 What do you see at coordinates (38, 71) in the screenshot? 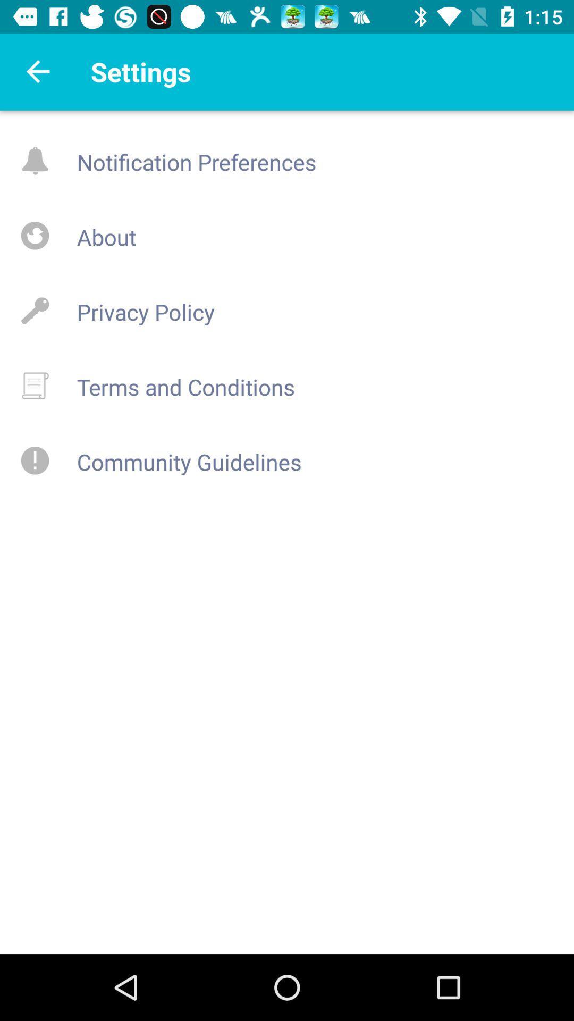
I see `go back` at bounding box center [38, 71].